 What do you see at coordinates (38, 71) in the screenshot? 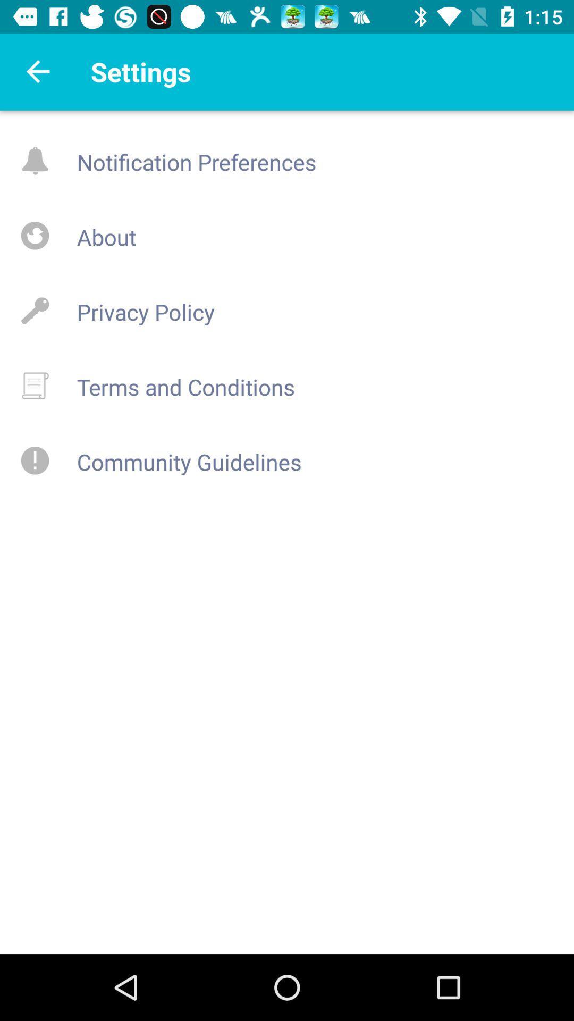
I see `go back` at bounding box center [38, 71].